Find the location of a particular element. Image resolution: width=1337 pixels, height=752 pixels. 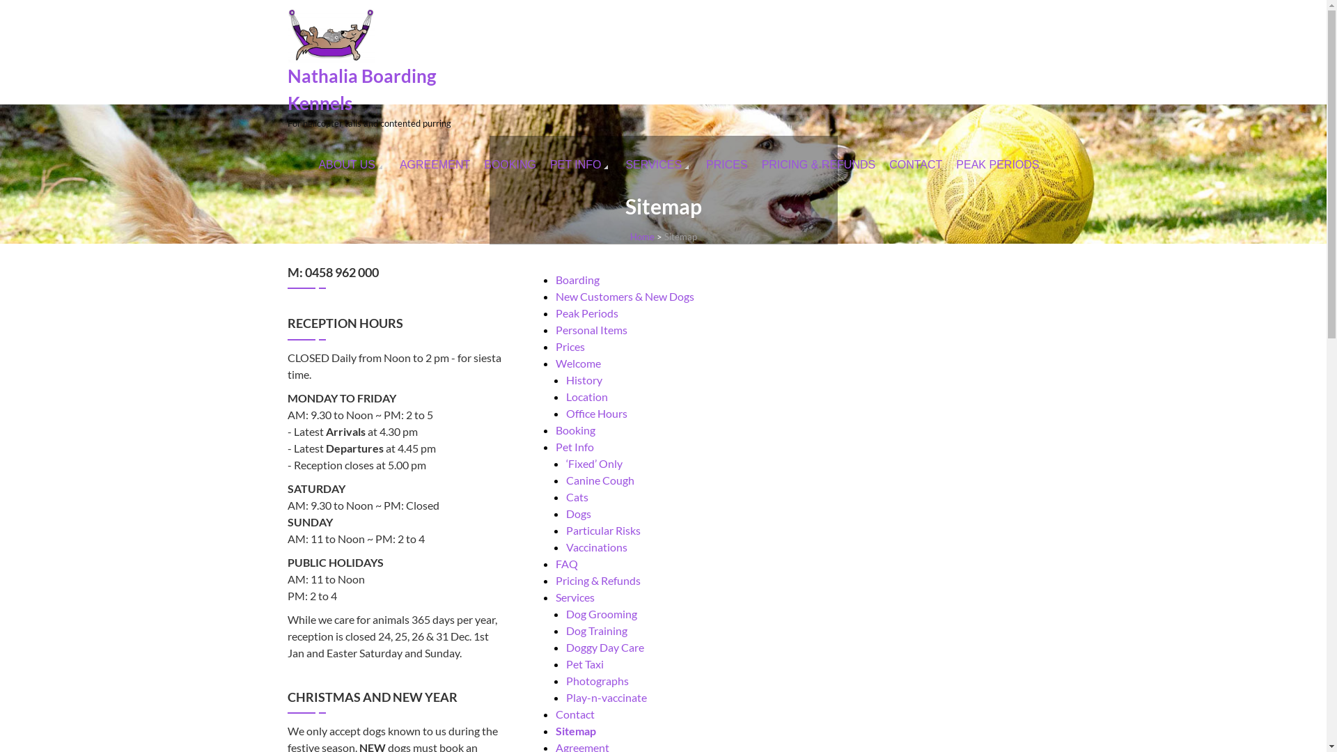

'FAQ' is located at coordinates (567, 563).